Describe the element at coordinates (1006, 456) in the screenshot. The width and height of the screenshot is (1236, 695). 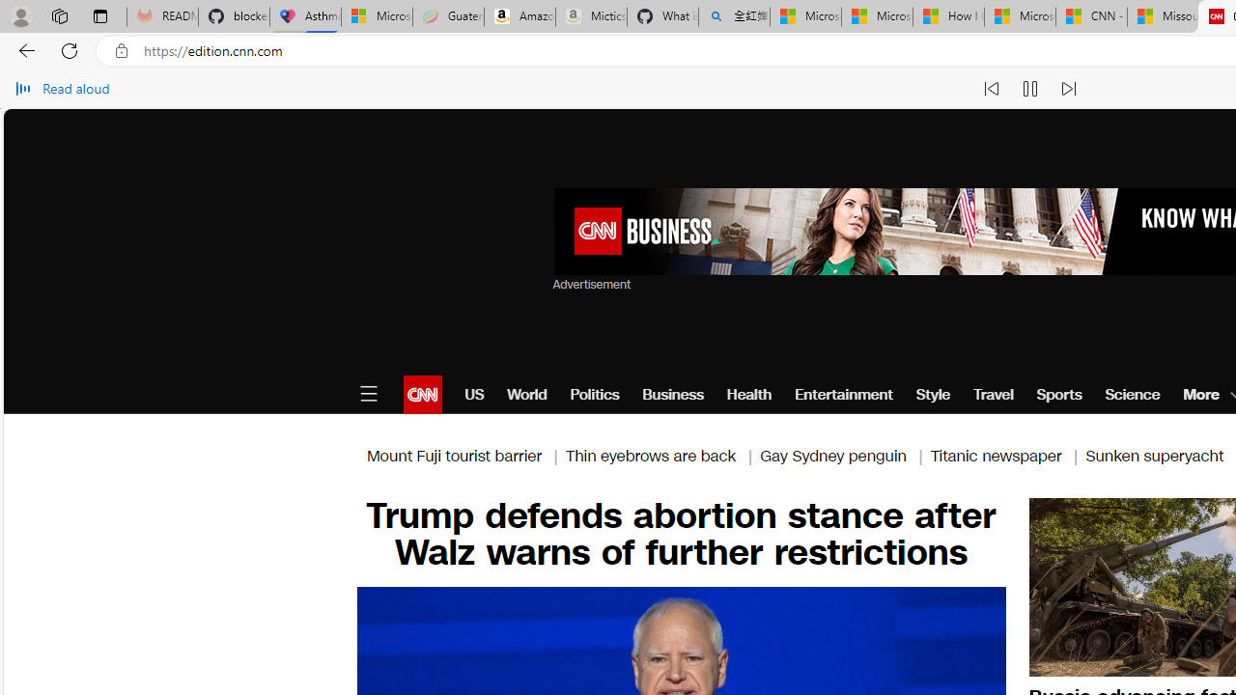
I see `'Titanic newspaper |'` at that location.